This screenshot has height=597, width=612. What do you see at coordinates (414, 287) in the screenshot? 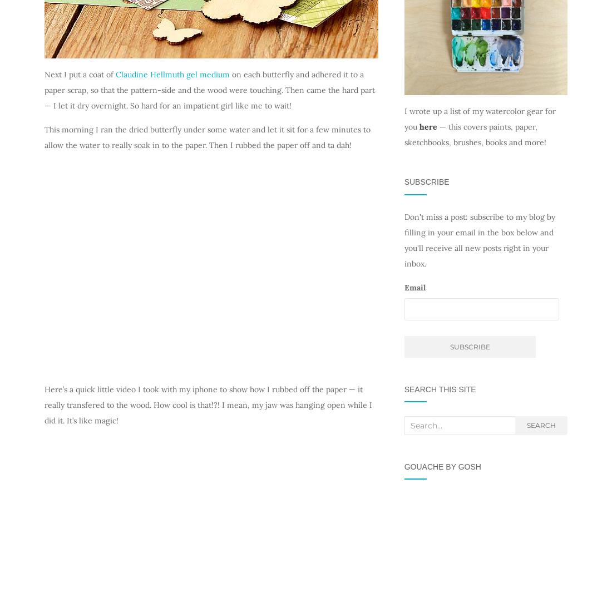
I see `'Email'` at bounding box center [414, 287].